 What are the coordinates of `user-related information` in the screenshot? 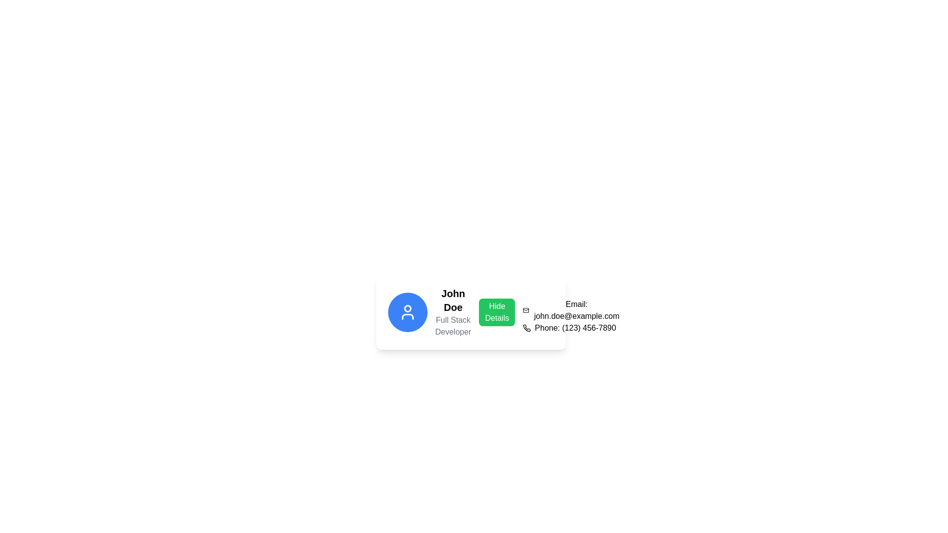 It's located at (407, 312).